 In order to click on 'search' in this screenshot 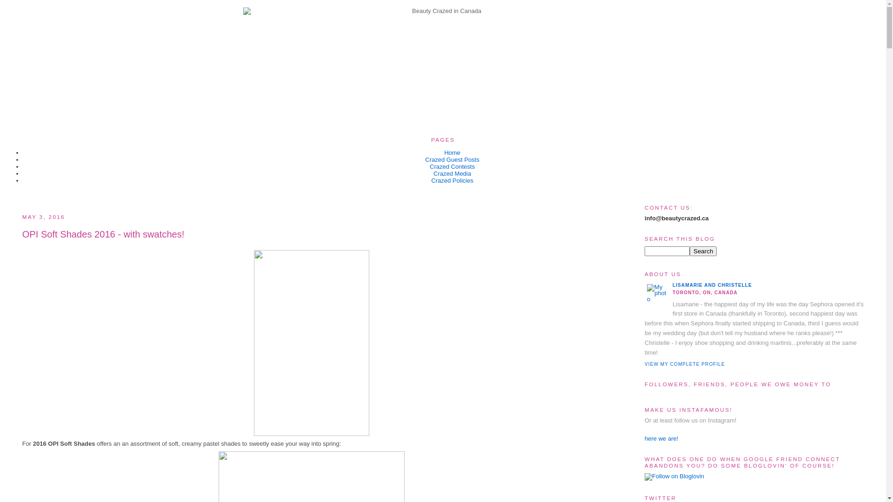, I will do `click(644, 251)`.